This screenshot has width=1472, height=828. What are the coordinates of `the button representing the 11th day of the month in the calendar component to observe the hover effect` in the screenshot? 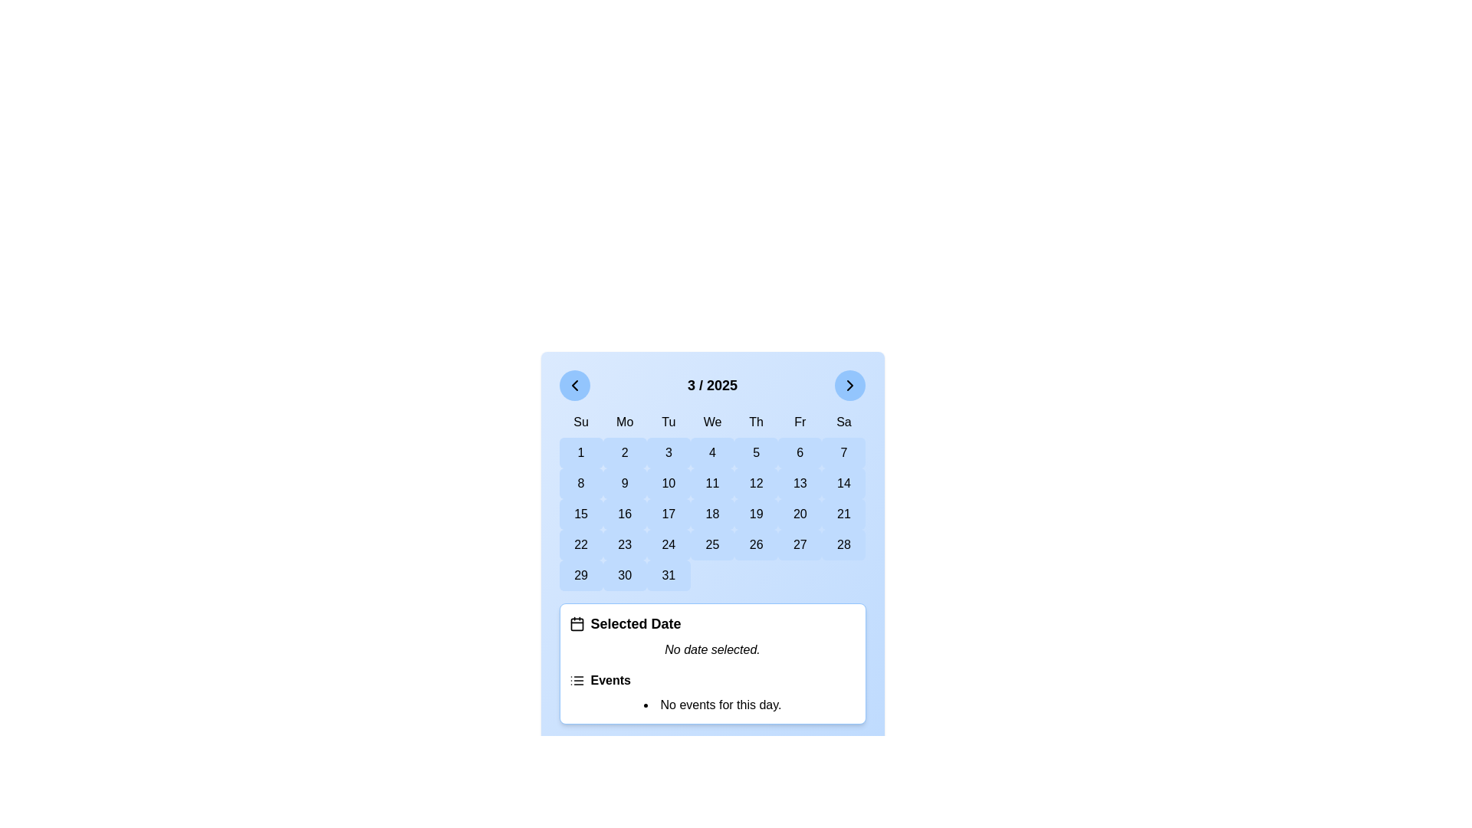 It's located at (711, 484).